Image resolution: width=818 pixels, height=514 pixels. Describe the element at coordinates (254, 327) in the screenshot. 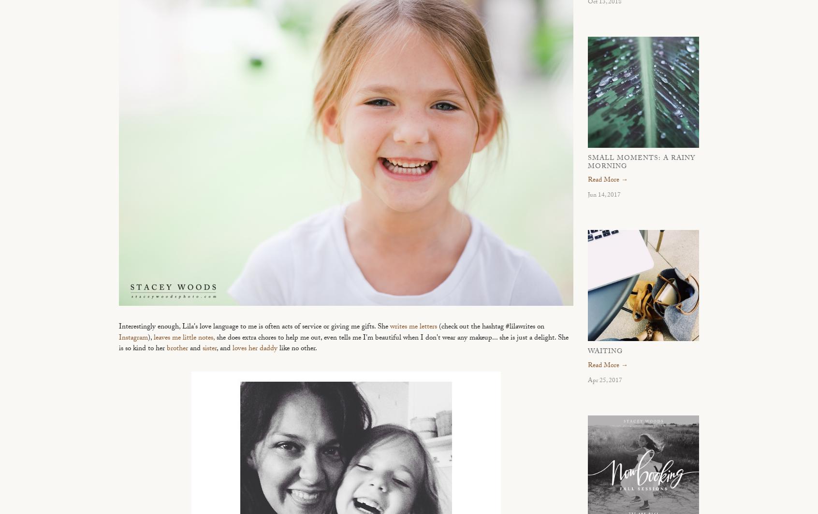

I see `'Interestingly enough, Lila's love language to me is often acts of service or giving me gifts. She'` at that location.